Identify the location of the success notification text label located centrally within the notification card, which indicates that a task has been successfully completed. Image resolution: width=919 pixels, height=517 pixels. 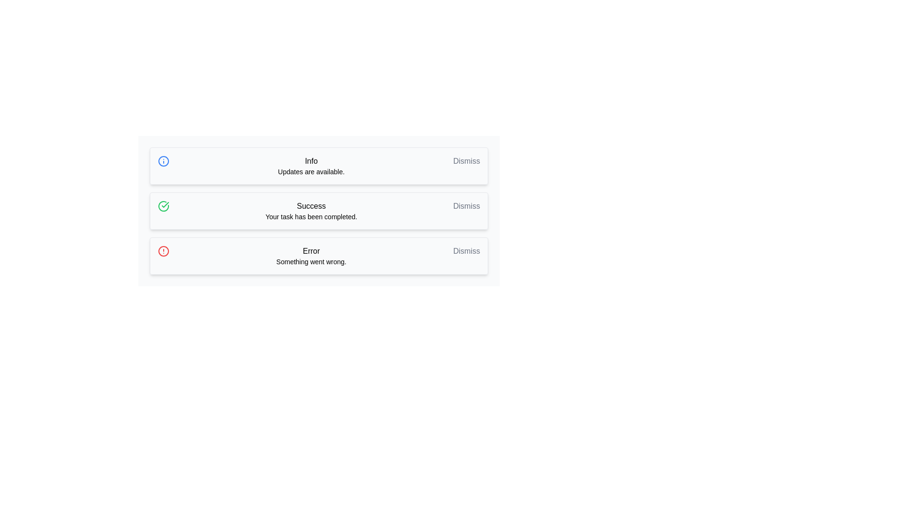
(311, 210).